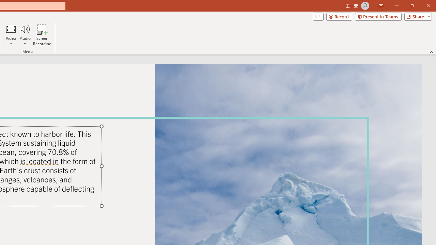 The image size is (436, 245). I want to click on 'Collapse the Ribbon', so click(431, 52).